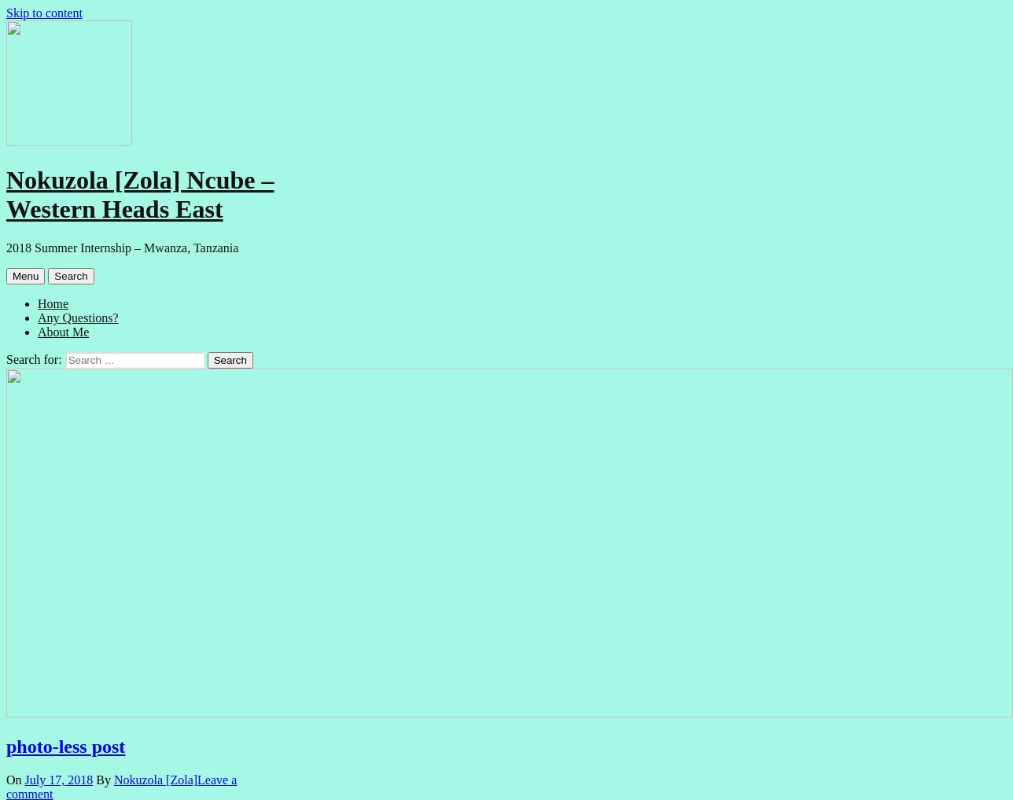 The height and width of the screenshot is (800, 1013). Describe the element at coordinates (65, 744) in the screenshot. I see `'photo-less post'` at that location.